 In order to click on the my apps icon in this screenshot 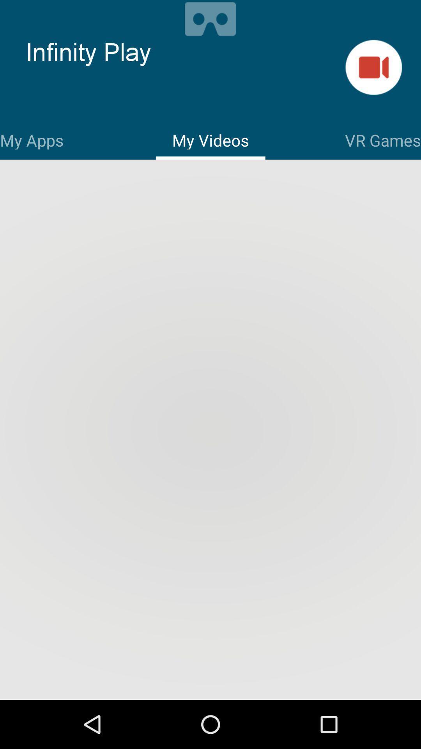, I will do `click(31, 139)`.